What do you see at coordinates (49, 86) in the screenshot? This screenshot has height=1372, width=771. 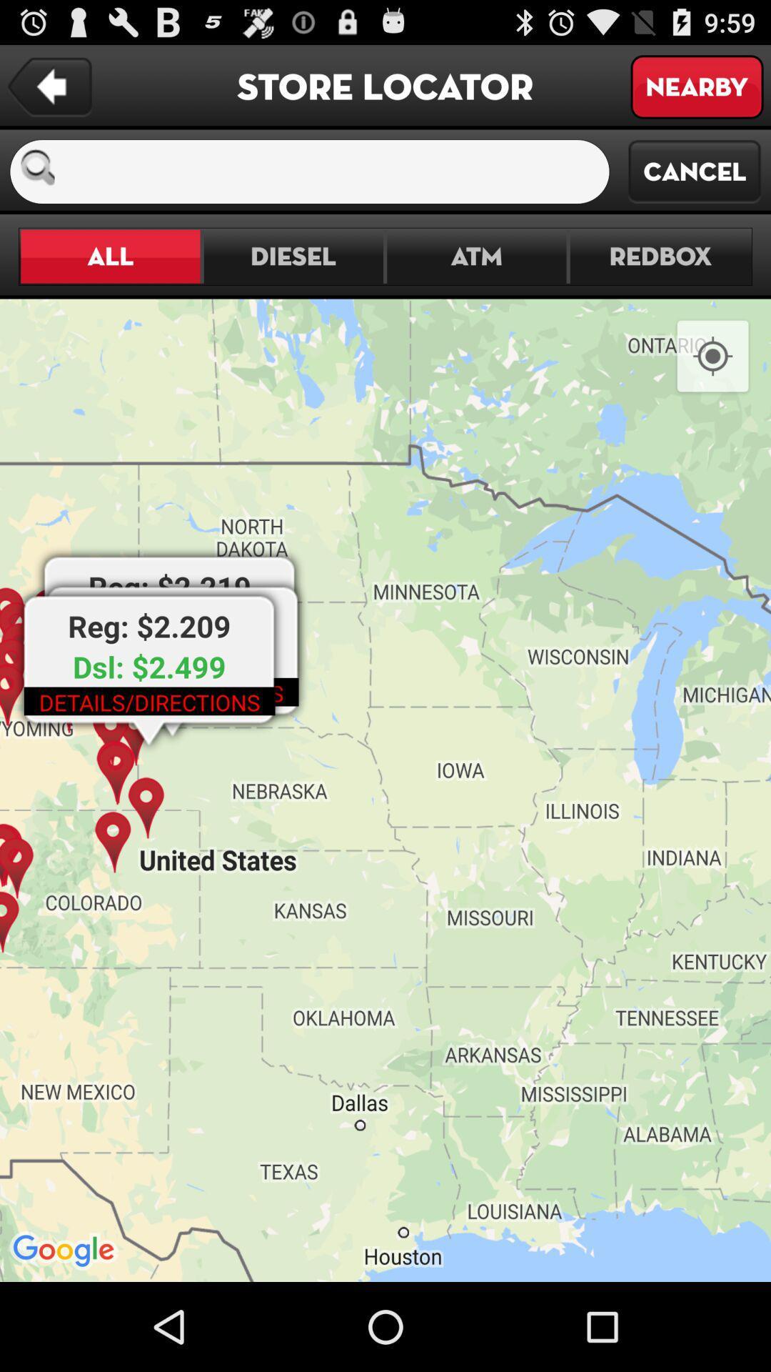 I see `go back` at bounding box center [49, 86].